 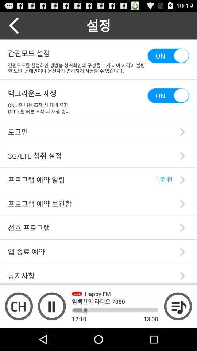 I want to click on the pause icon, so click(x=51, y=327).